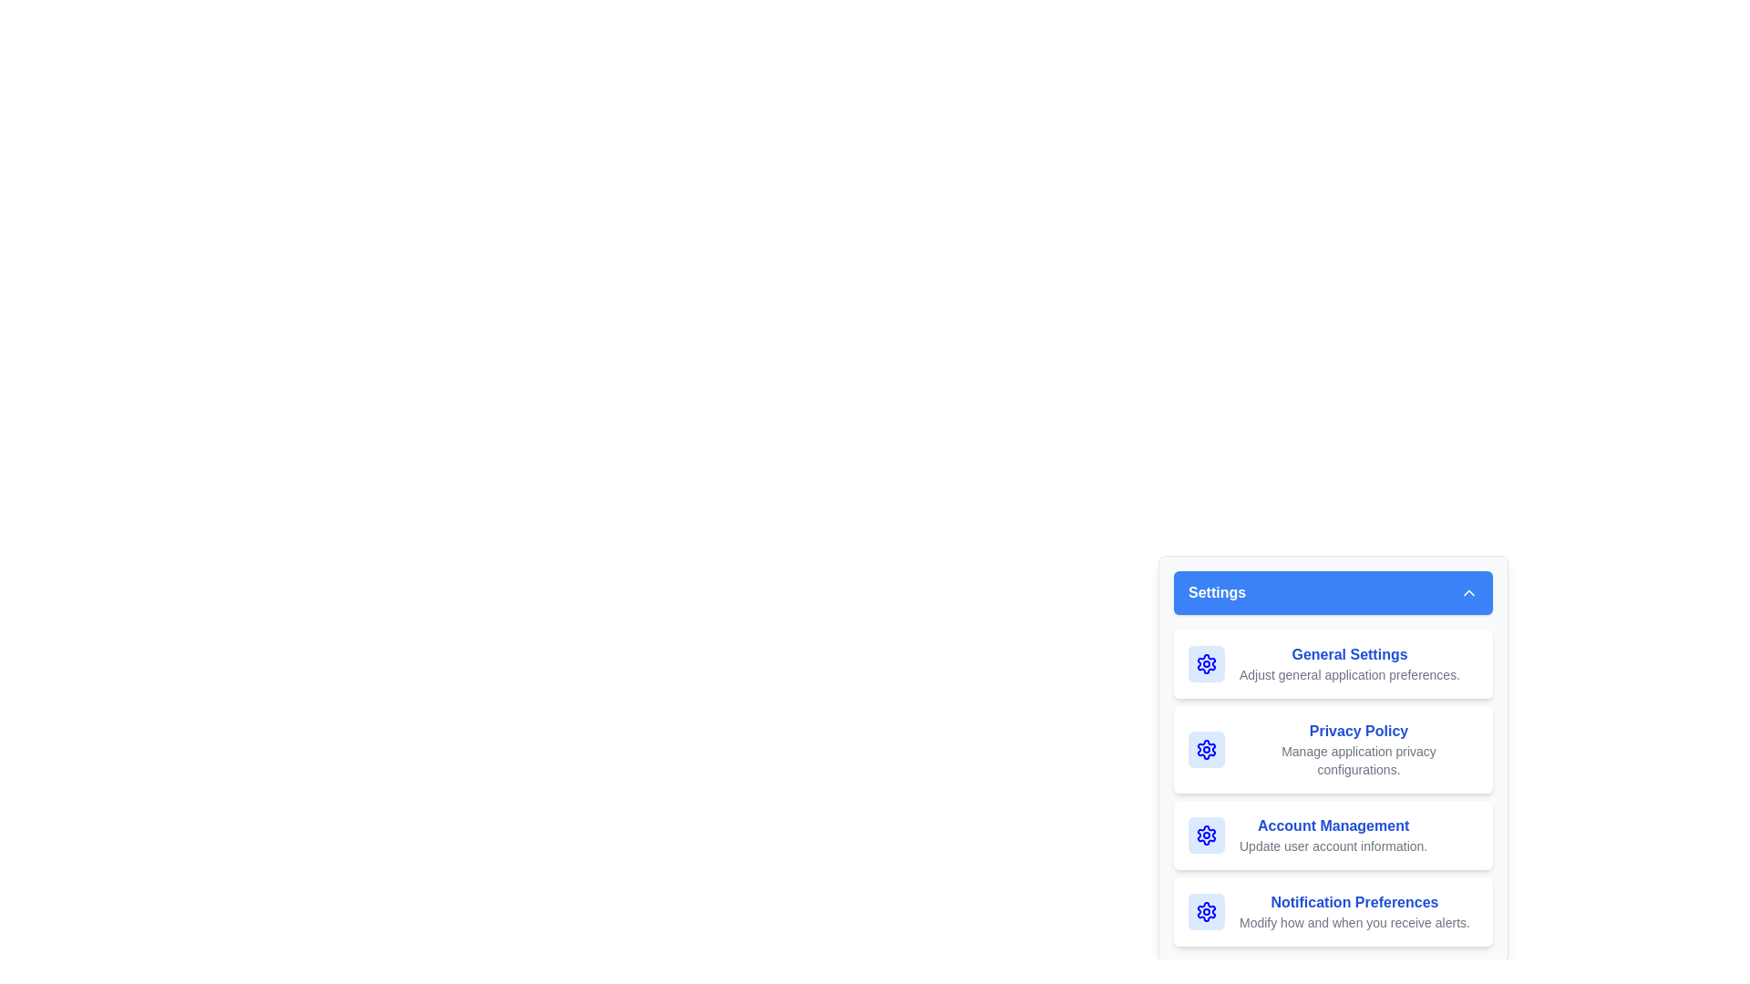  Describe the element at coordinates (1333, 912) in the screenshot. I see `the menu item Notification Preferences from the dropdown` at that location.